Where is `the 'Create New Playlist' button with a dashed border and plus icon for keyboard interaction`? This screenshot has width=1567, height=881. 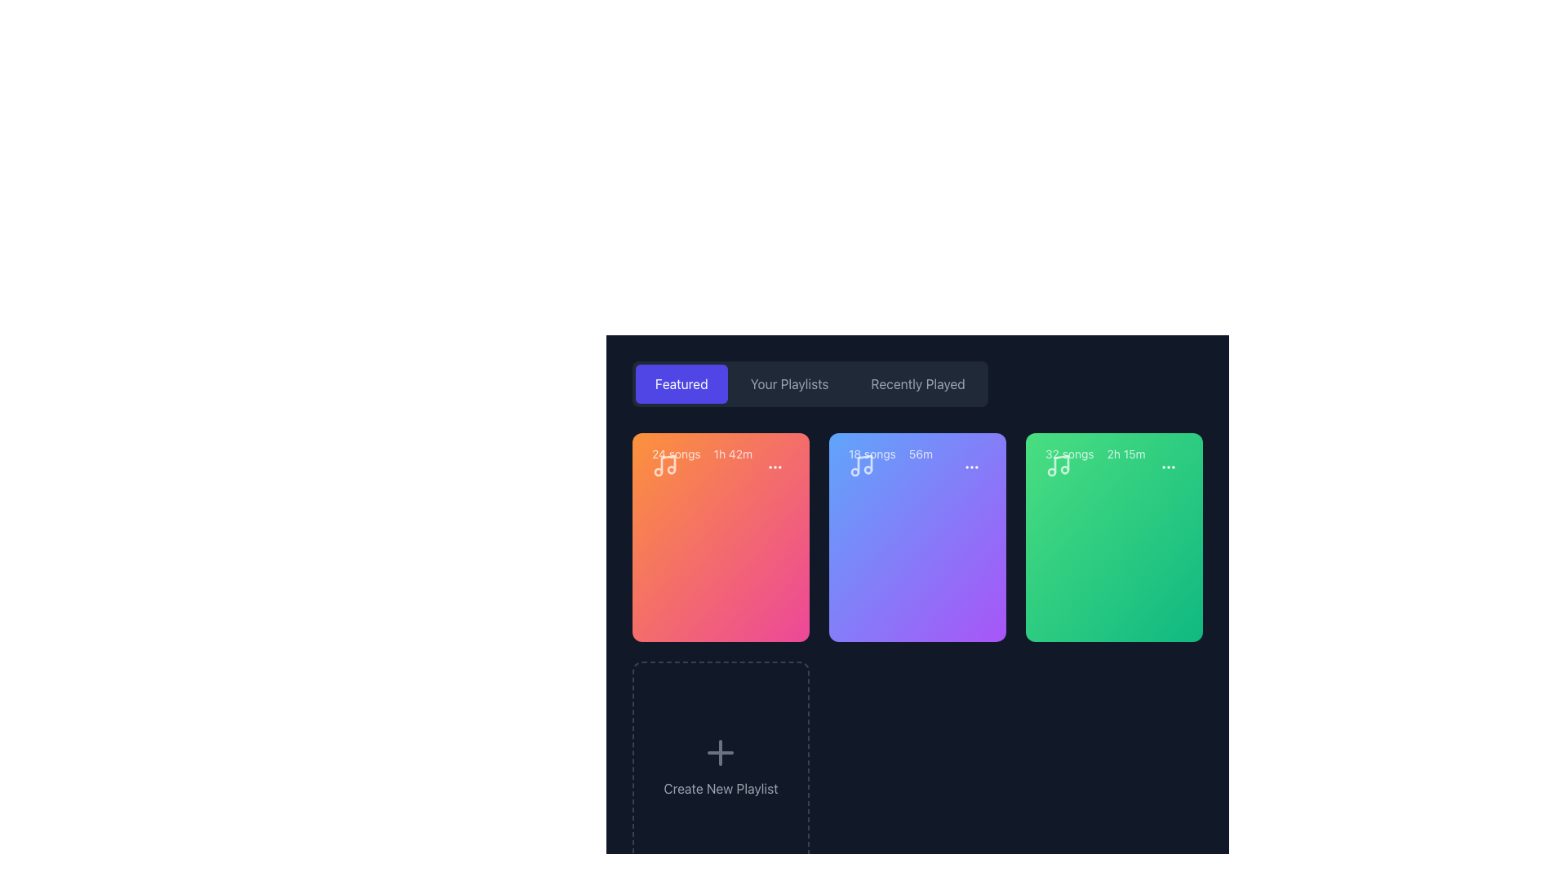 the 'Create New Playlist' button with a dashed border and plus icon for keyboard interaction is located at coordinates (720, 765).